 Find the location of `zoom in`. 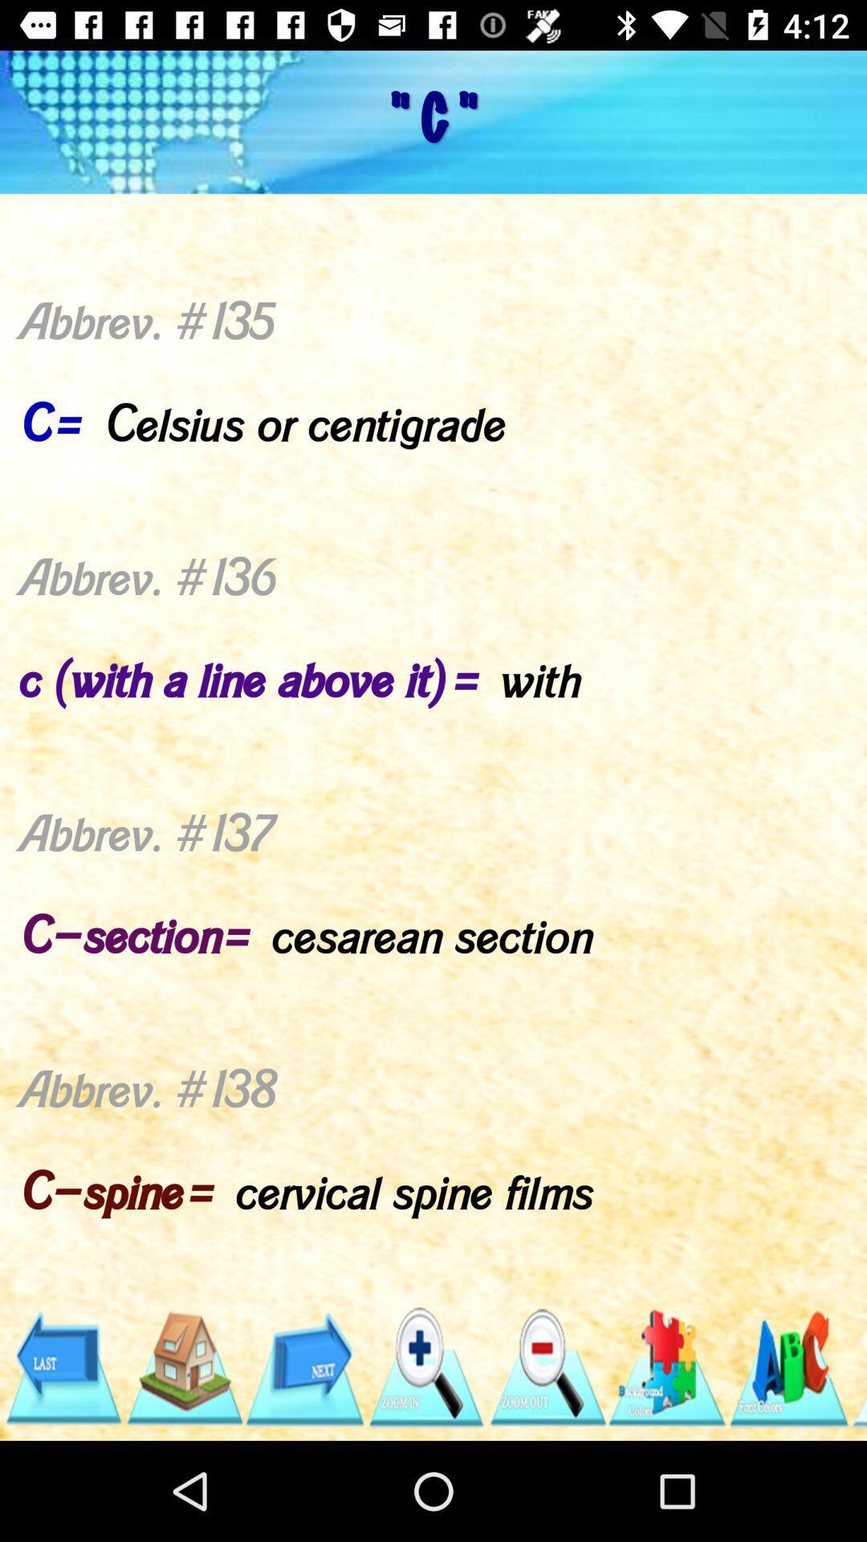

zoom in is located at coordinates (425, 1367).